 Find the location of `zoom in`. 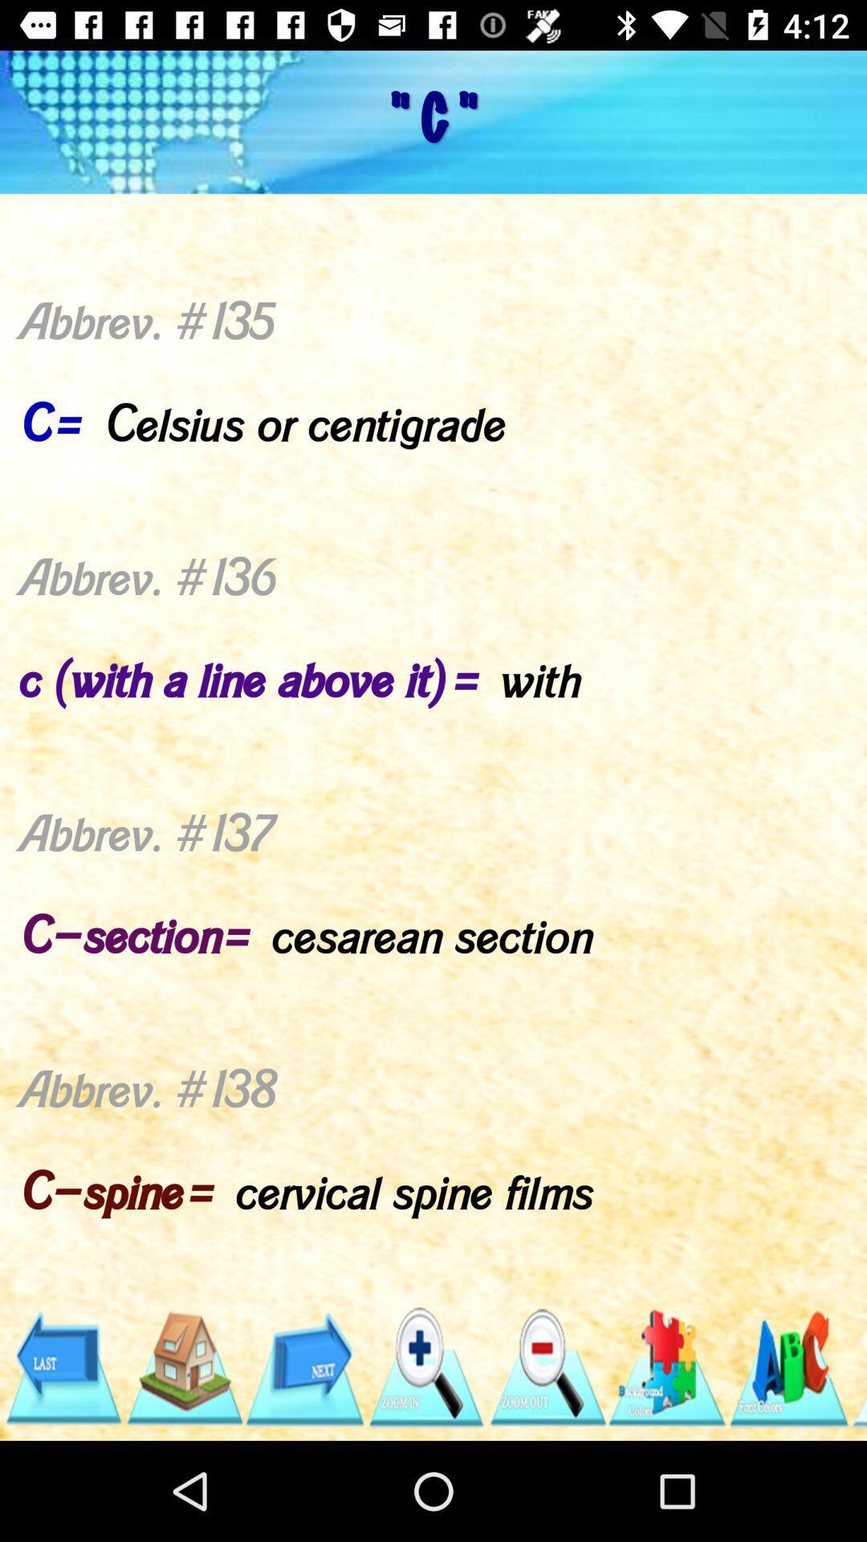

zoom in is located at coordinates (425, 1367).